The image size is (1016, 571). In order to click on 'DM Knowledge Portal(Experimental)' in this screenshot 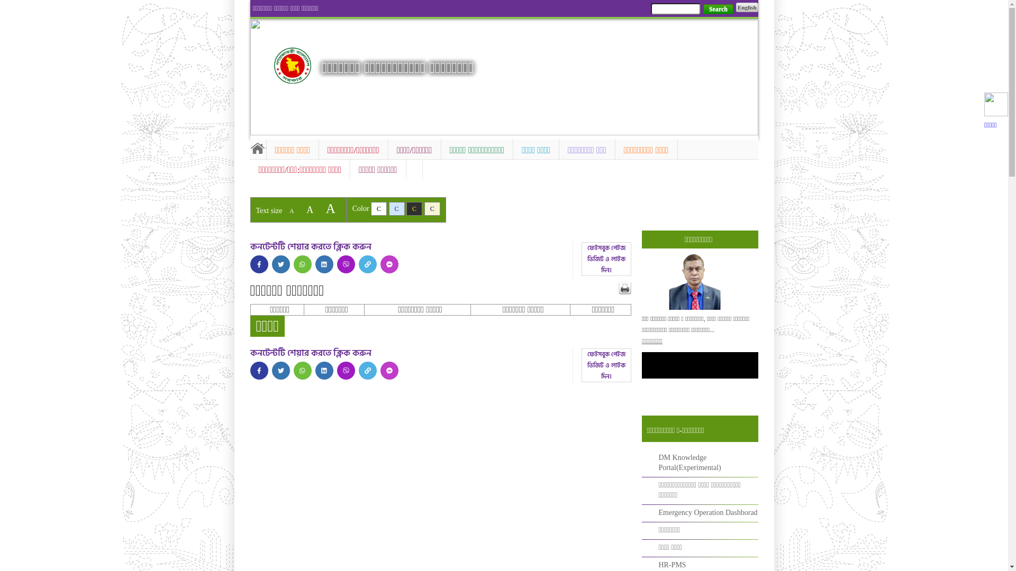, I will do `click(689, 462)`.